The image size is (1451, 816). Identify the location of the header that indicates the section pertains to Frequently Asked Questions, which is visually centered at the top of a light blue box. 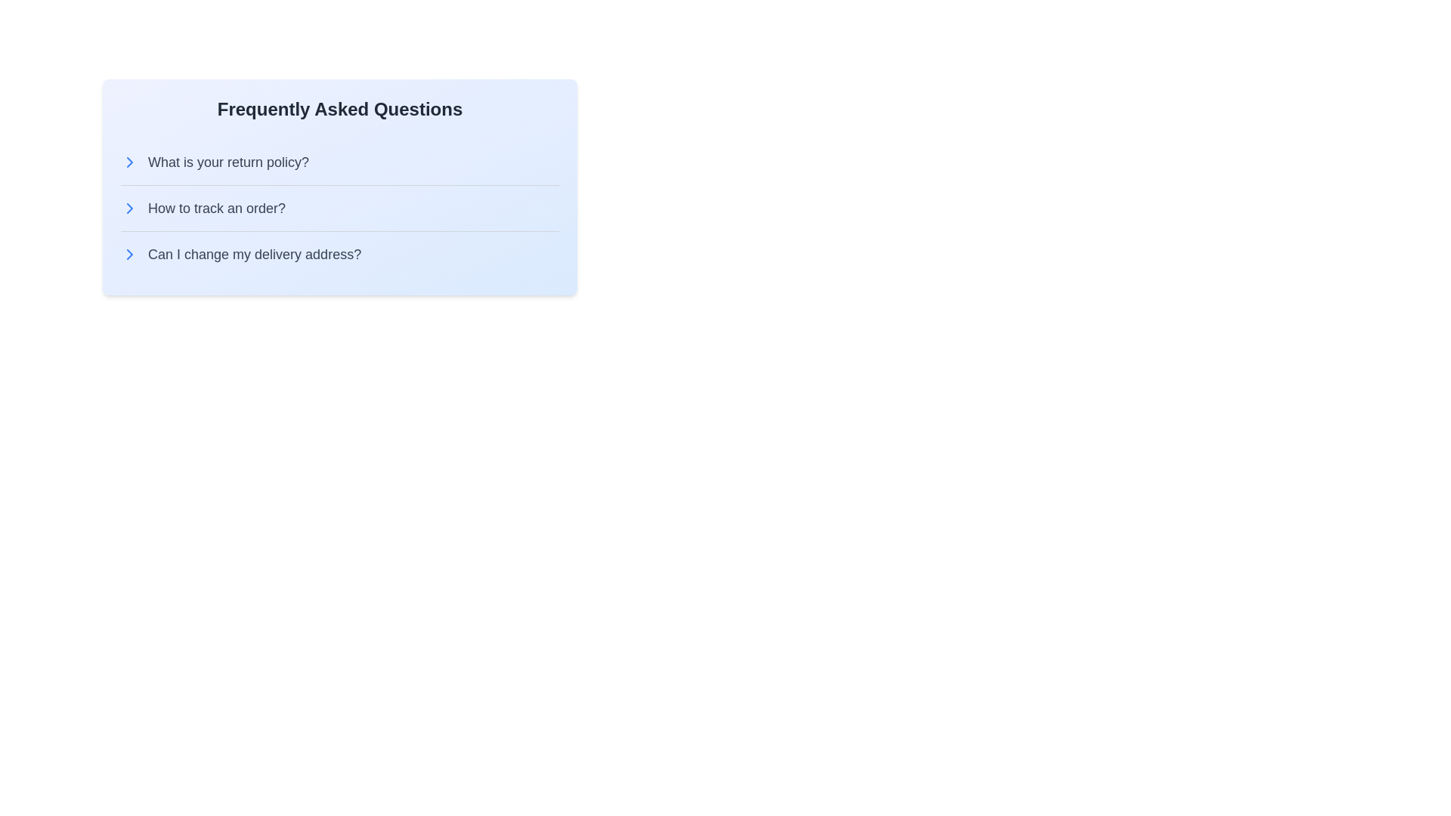
(339, 109).